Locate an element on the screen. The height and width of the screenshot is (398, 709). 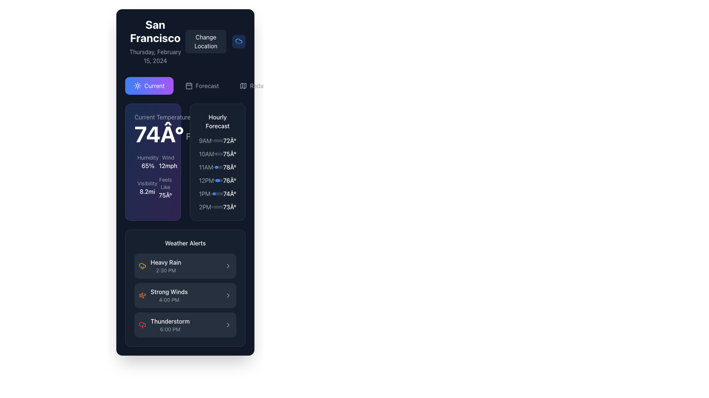
the static text element displaying the temperature forecast value (74Â°) for 1PM, located in the 'Hourly Forecast' card is located at coordinates (229, 193).